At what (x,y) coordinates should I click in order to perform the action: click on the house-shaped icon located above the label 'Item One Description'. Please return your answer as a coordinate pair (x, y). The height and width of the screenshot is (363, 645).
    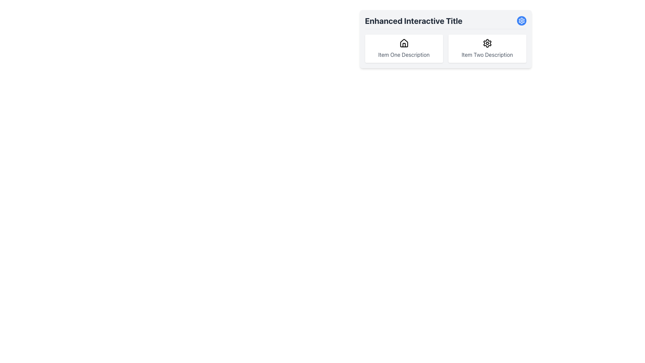
    Looking at the image, I should click on (403, 43).